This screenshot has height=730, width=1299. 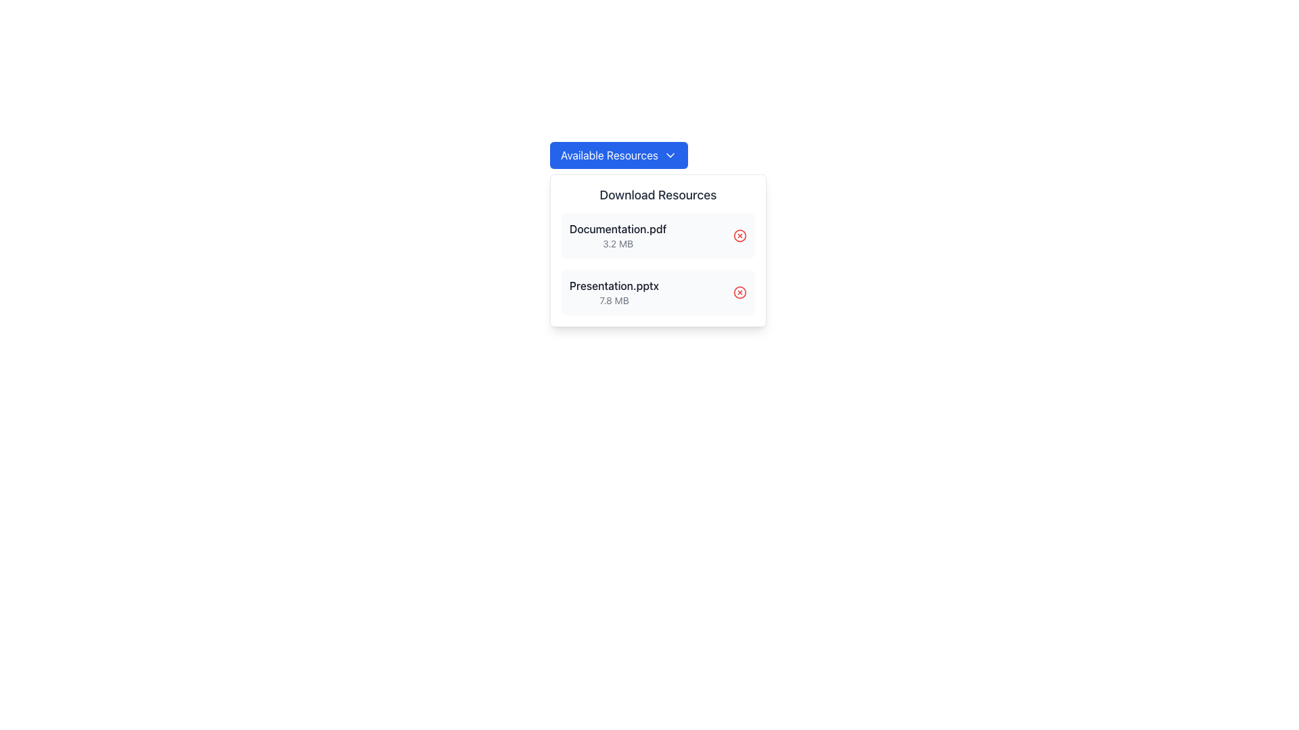 I want to click on the Informational Text Block displaying details for the second downloadable resource below 'Documentation.pdf 3.2 MB', so click(x=613, y=291).